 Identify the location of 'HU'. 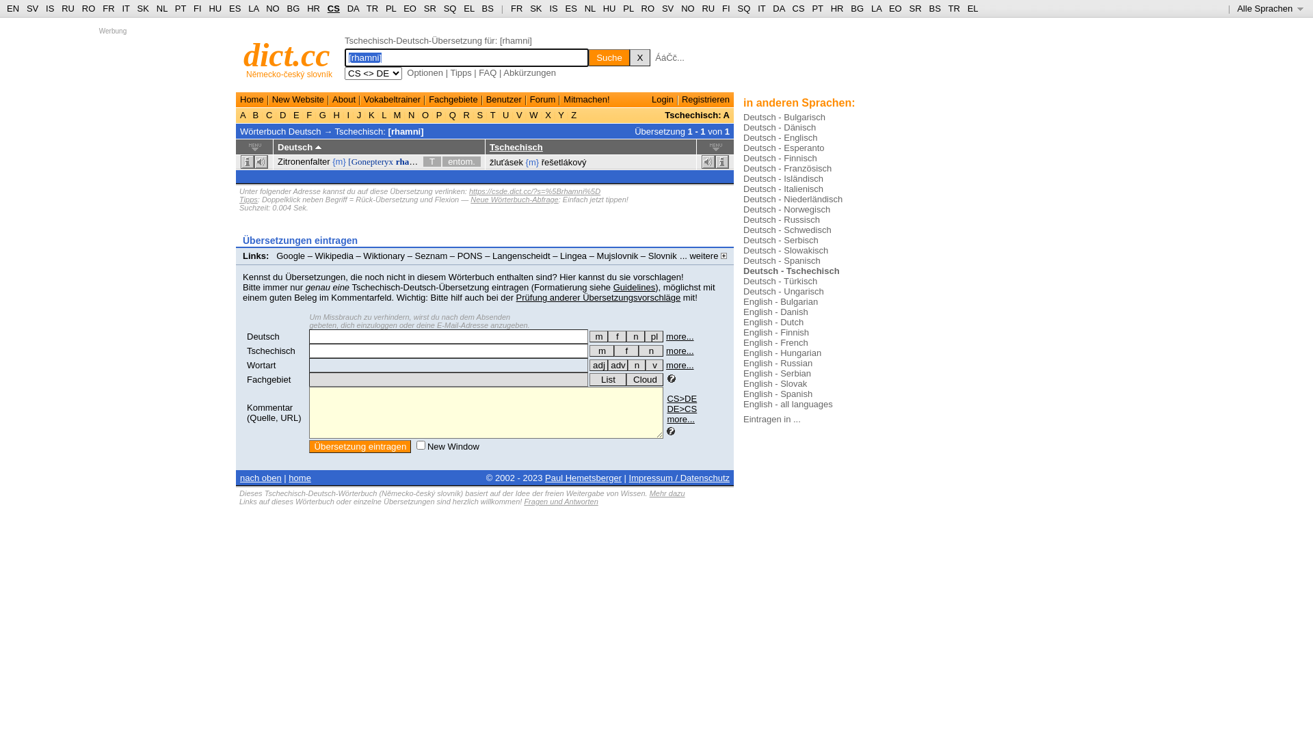
(214, 8).